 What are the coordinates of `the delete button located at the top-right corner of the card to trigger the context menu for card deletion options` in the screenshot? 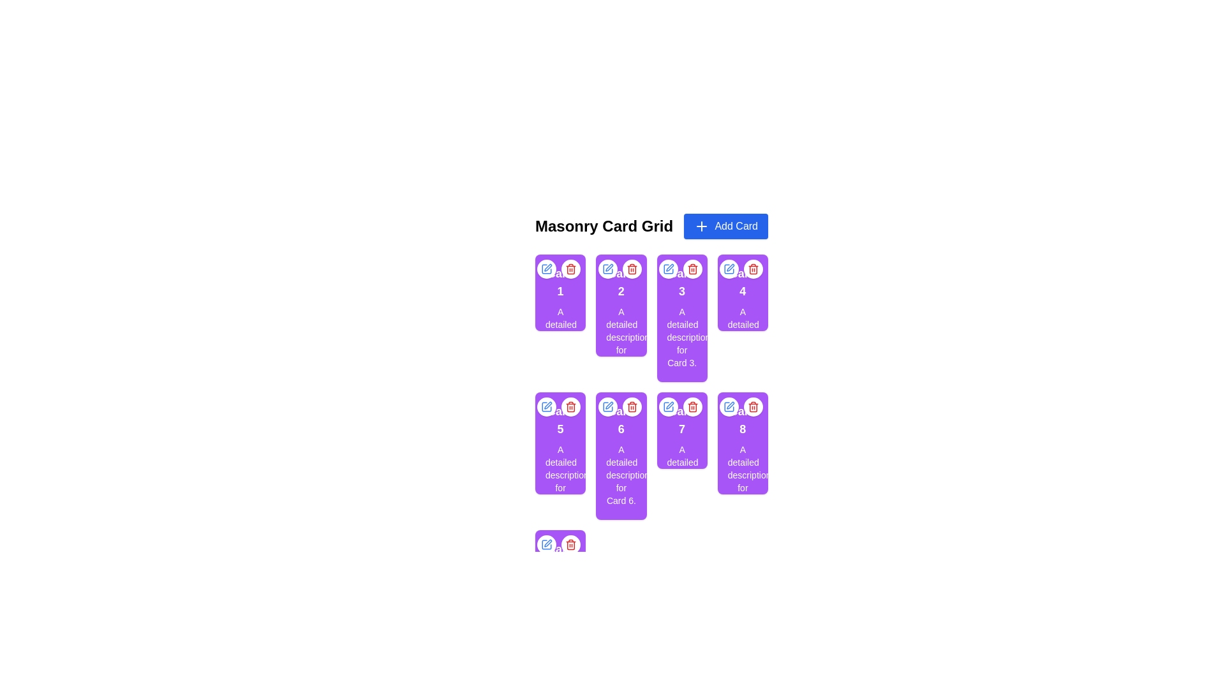 It's located at (753, 406).